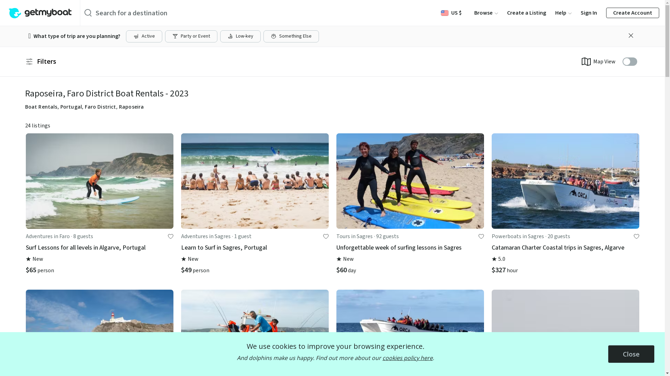  What do you see at coordinates (191, 36) in the screenshot?
I see `'Party or Event'` at bounding box center [191, 36].